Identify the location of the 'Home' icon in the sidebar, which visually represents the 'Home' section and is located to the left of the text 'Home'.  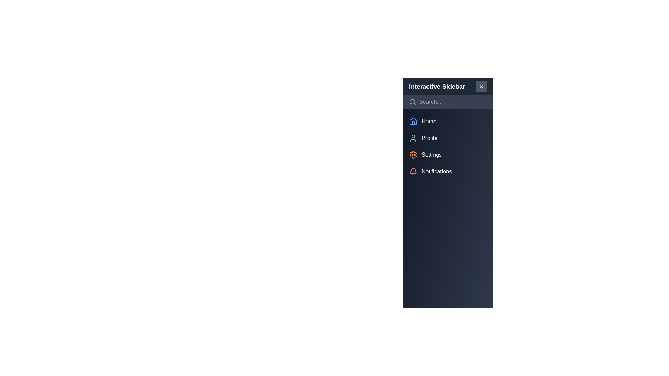
(413, 121).